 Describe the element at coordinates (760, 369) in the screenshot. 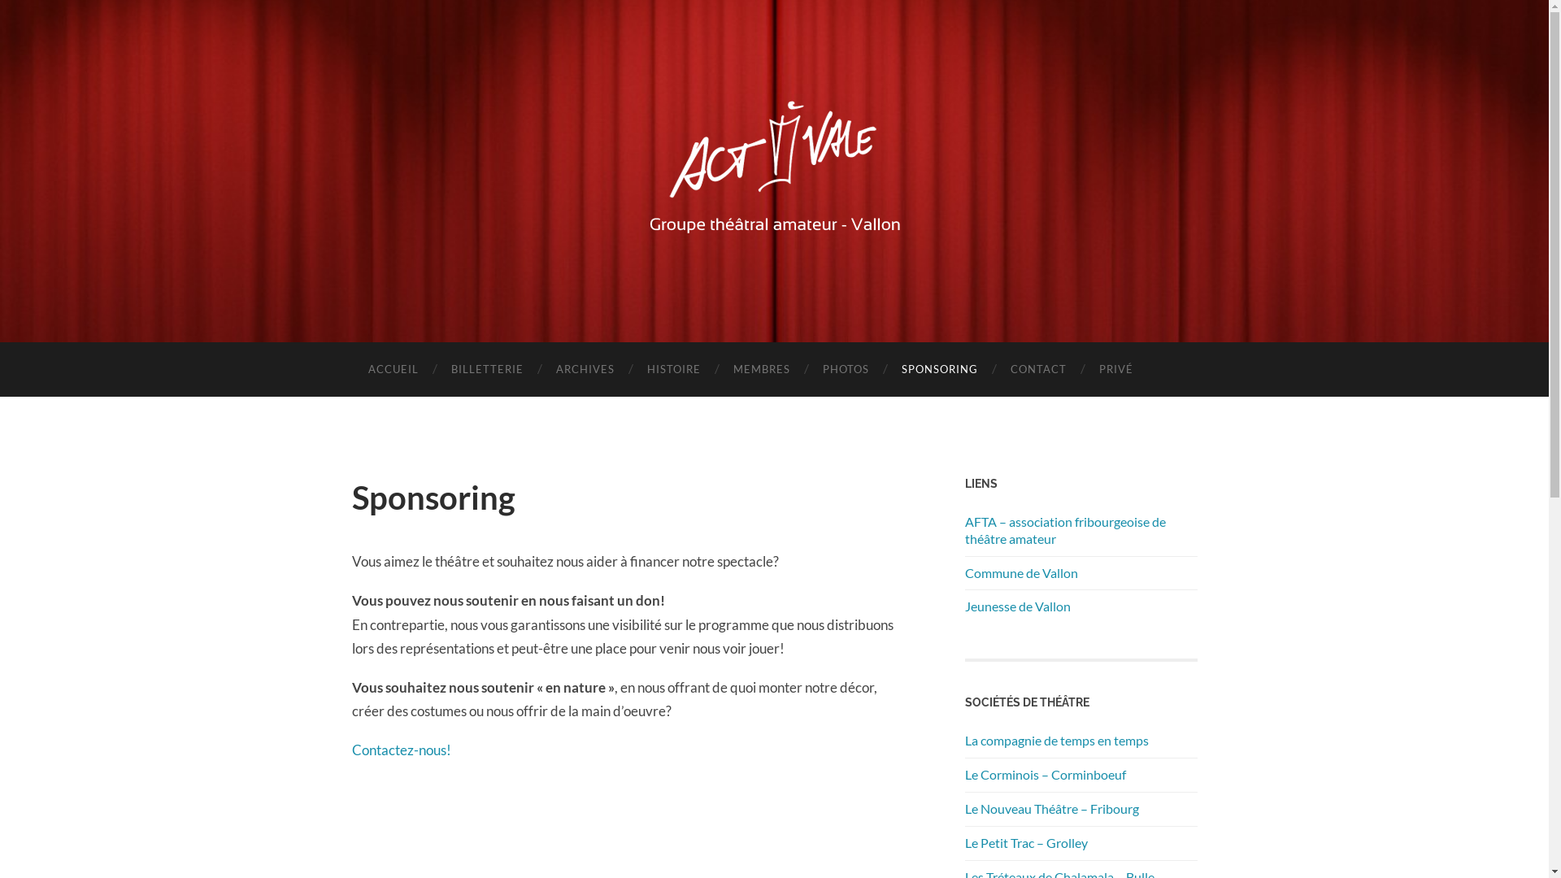

I see `'MEMBRES'` at that location.